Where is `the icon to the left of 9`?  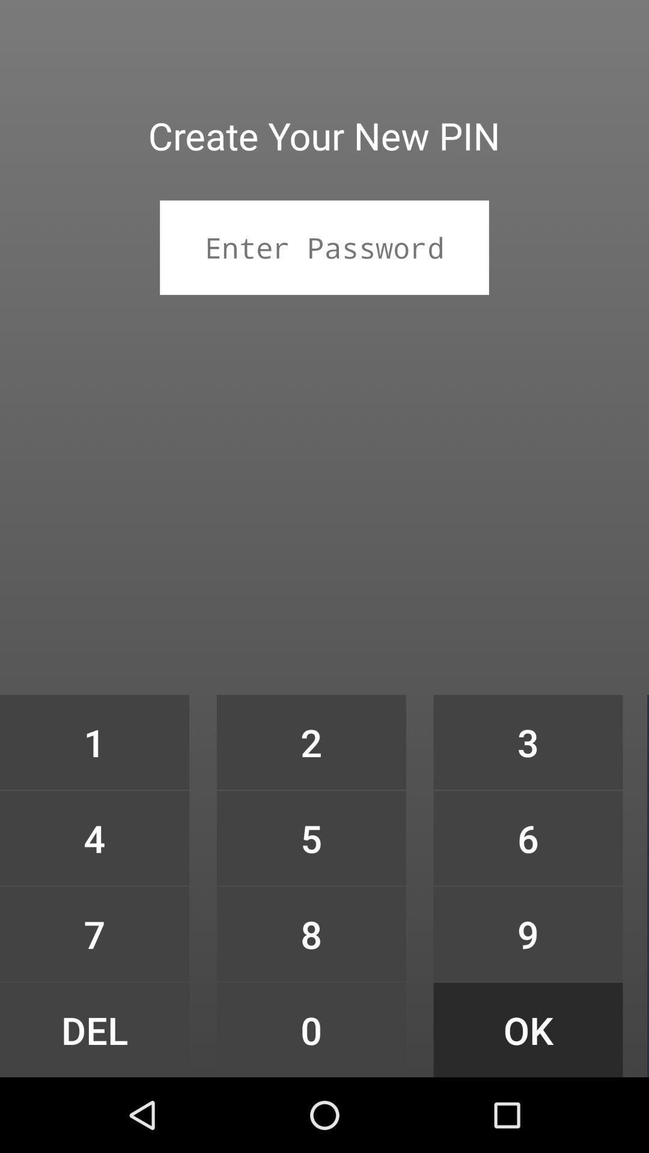
the icon to the left of 9 is located at coordinates (311, 1029).